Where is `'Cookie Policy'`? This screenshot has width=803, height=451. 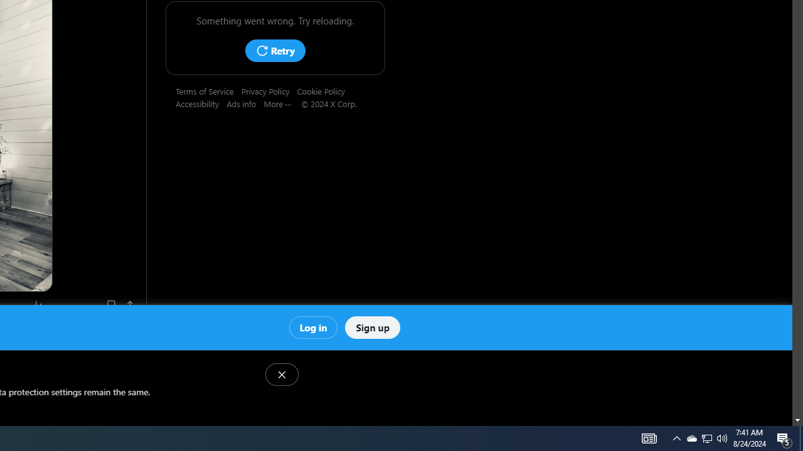
'Cookie Policy' is located at coordinates (324, 90).